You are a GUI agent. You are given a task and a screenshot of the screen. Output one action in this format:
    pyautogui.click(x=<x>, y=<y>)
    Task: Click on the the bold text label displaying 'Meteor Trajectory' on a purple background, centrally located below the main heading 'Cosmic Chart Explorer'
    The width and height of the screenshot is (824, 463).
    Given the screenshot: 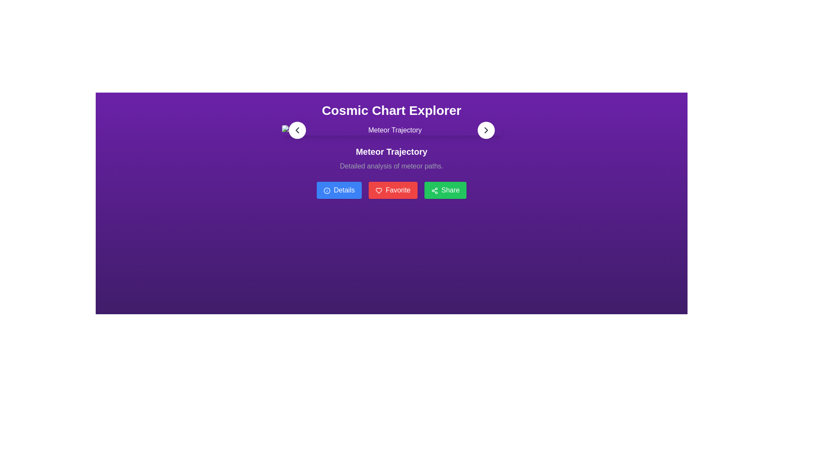 What is the action you would take?
    pyautogui.click(x=391, y=151)
    